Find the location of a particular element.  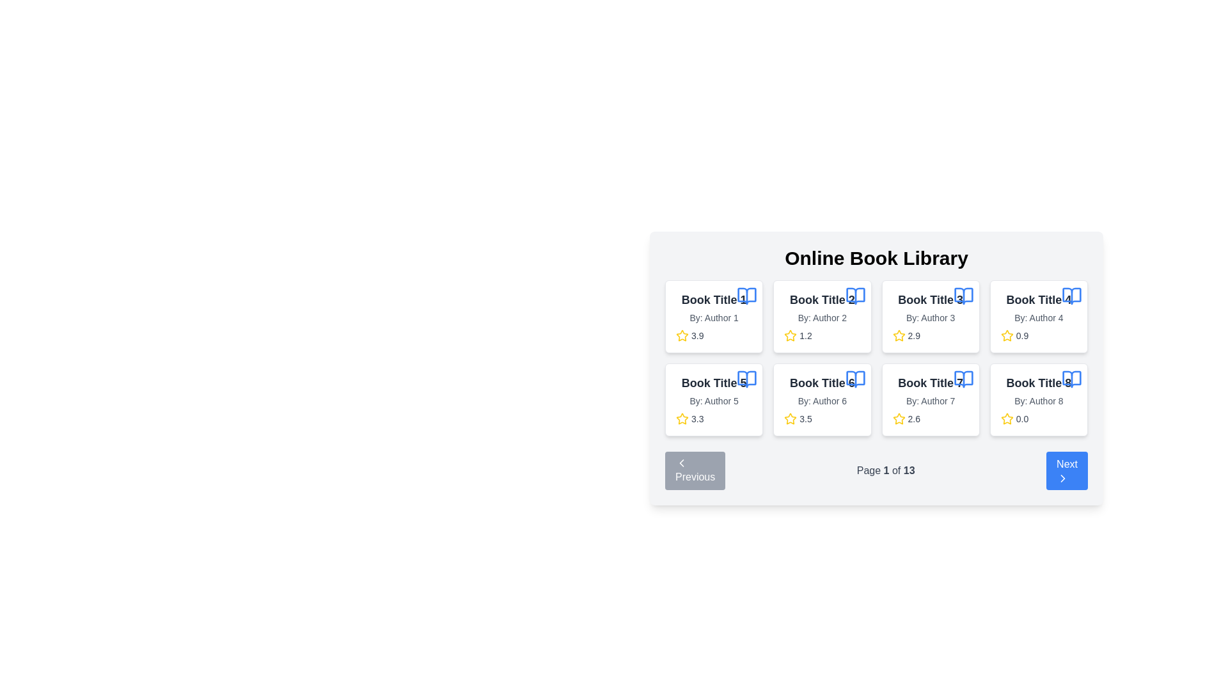

the lower portion of the open book icon styled in blue, located in the top-right corner of the 'Book Title 4' card, beside the text label and above the rating section is located at coordinates (1071, 296).